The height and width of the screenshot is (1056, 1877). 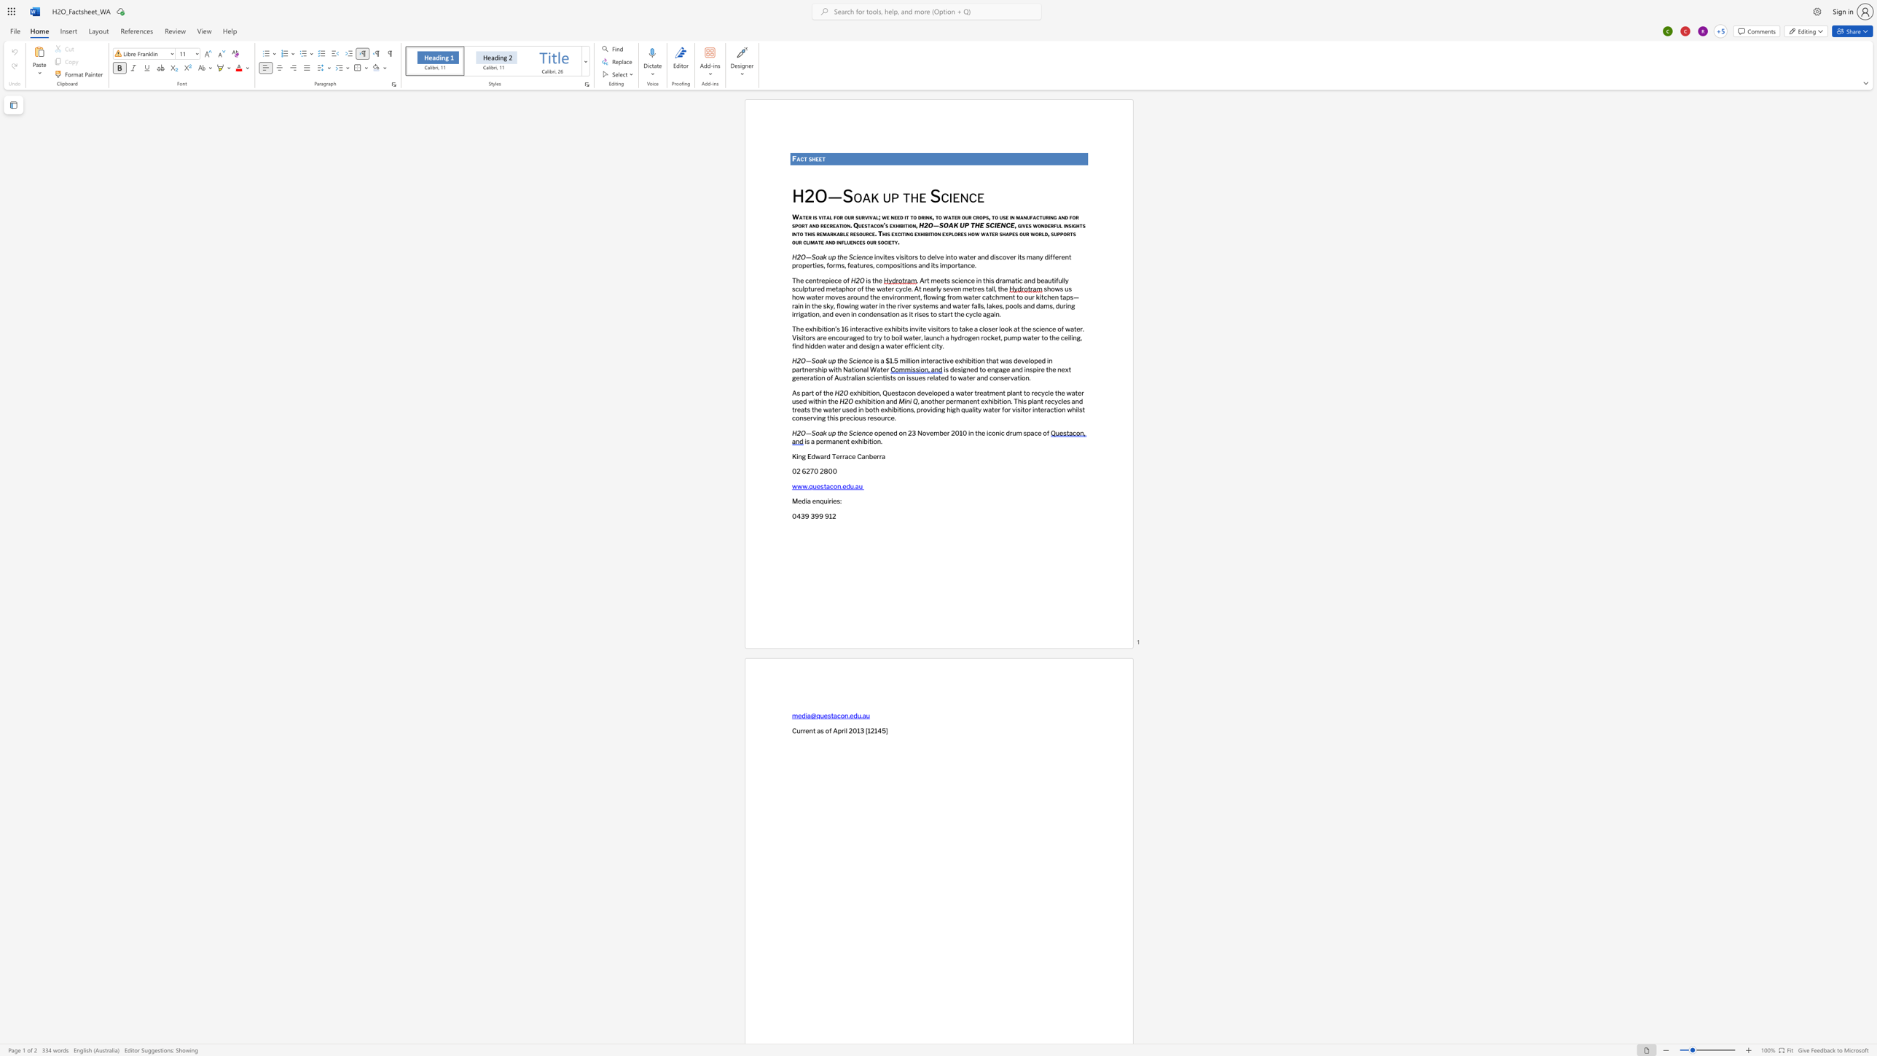 I want to click on the 1th character "O" in the text, so click(x=821, y=197).